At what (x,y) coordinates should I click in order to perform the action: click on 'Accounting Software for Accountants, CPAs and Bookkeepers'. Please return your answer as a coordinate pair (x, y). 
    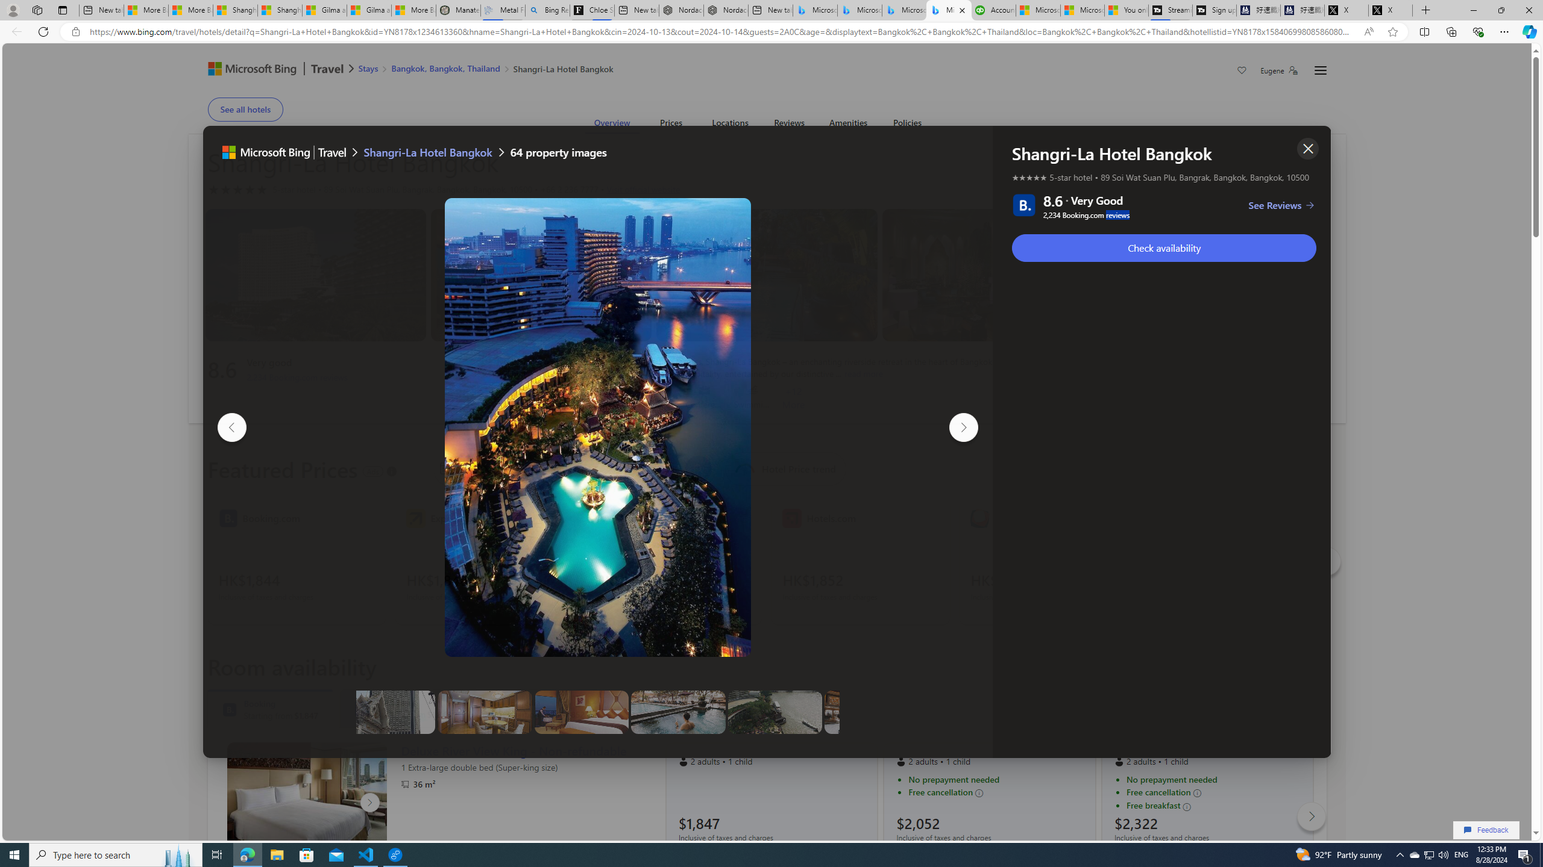
    Looking at the image, I should click on (993, 10).